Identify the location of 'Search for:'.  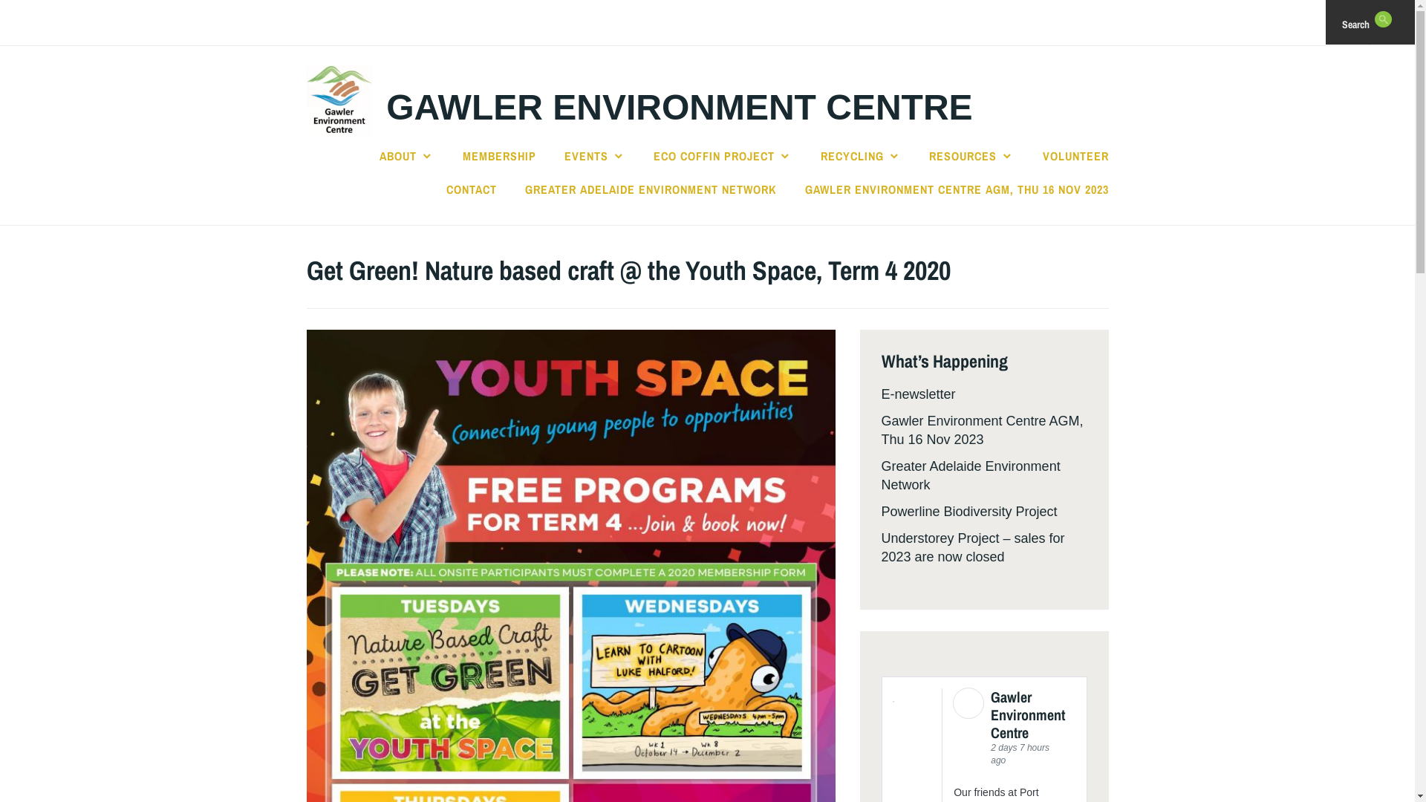
(1402, 22).